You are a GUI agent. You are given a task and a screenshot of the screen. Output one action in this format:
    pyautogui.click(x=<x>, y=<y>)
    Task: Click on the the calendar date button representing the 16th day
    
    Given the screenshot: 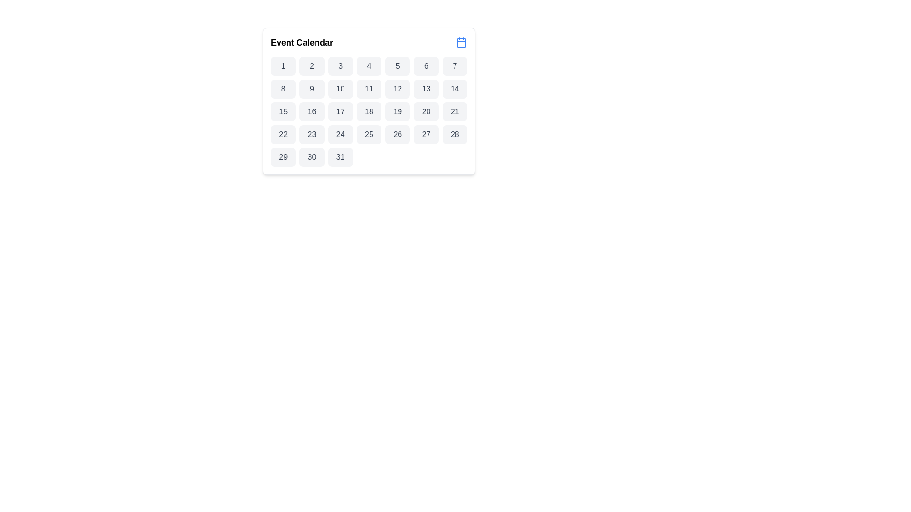 What is the action you would take?
    pyautogui.click(x=312, y=111)
    